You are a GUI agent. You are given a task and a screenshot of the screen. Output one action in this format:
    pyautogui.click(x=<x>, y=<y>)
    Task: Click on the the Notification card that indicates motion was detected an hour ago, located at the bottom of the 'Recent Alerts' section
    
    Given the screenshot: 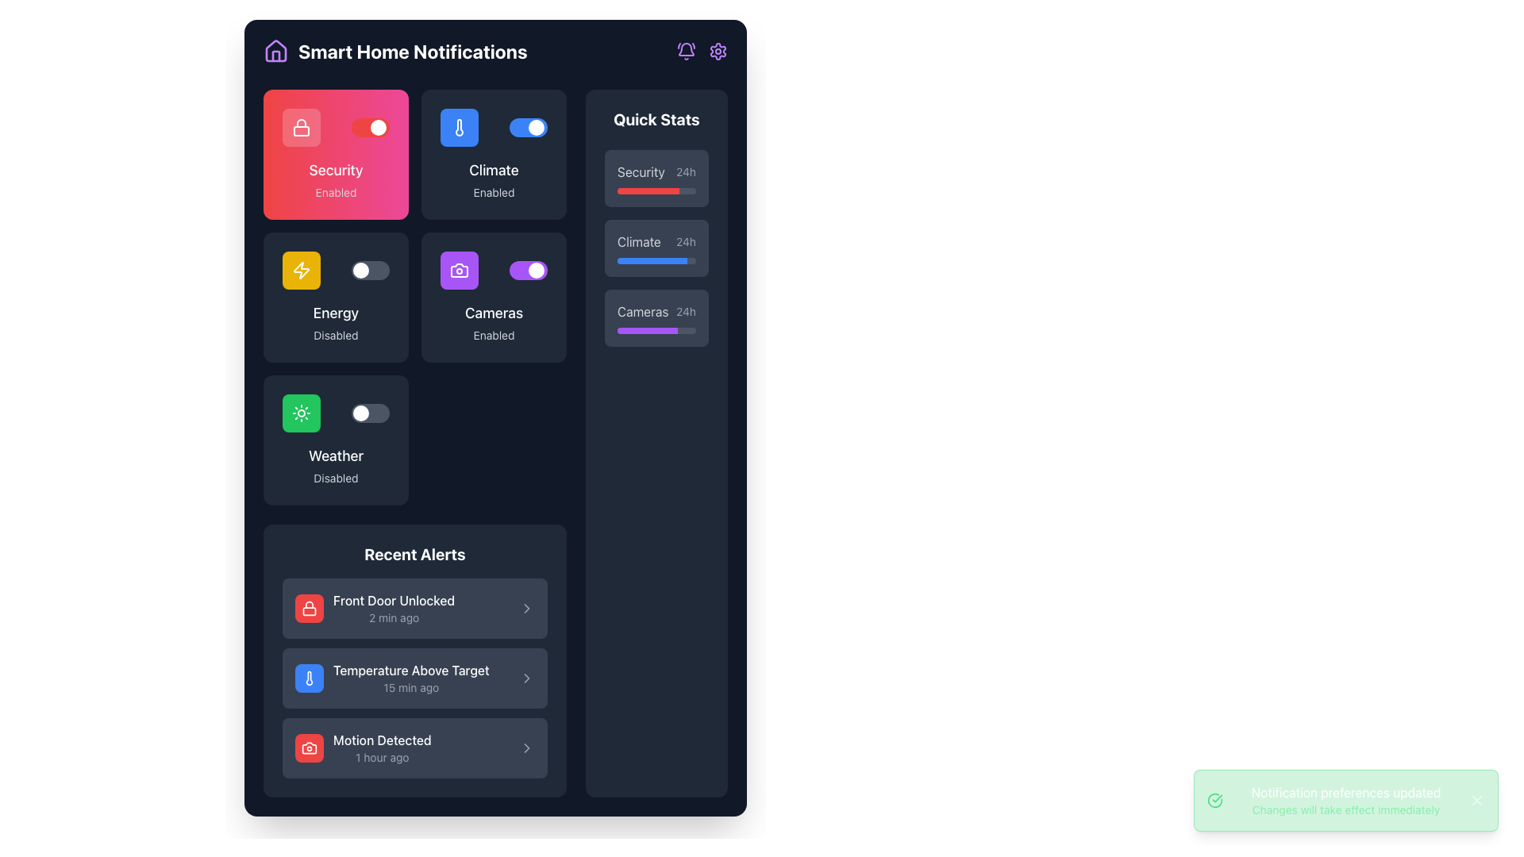 What is the action you would take?
    pyautogui.click(x=362, y=747)
    